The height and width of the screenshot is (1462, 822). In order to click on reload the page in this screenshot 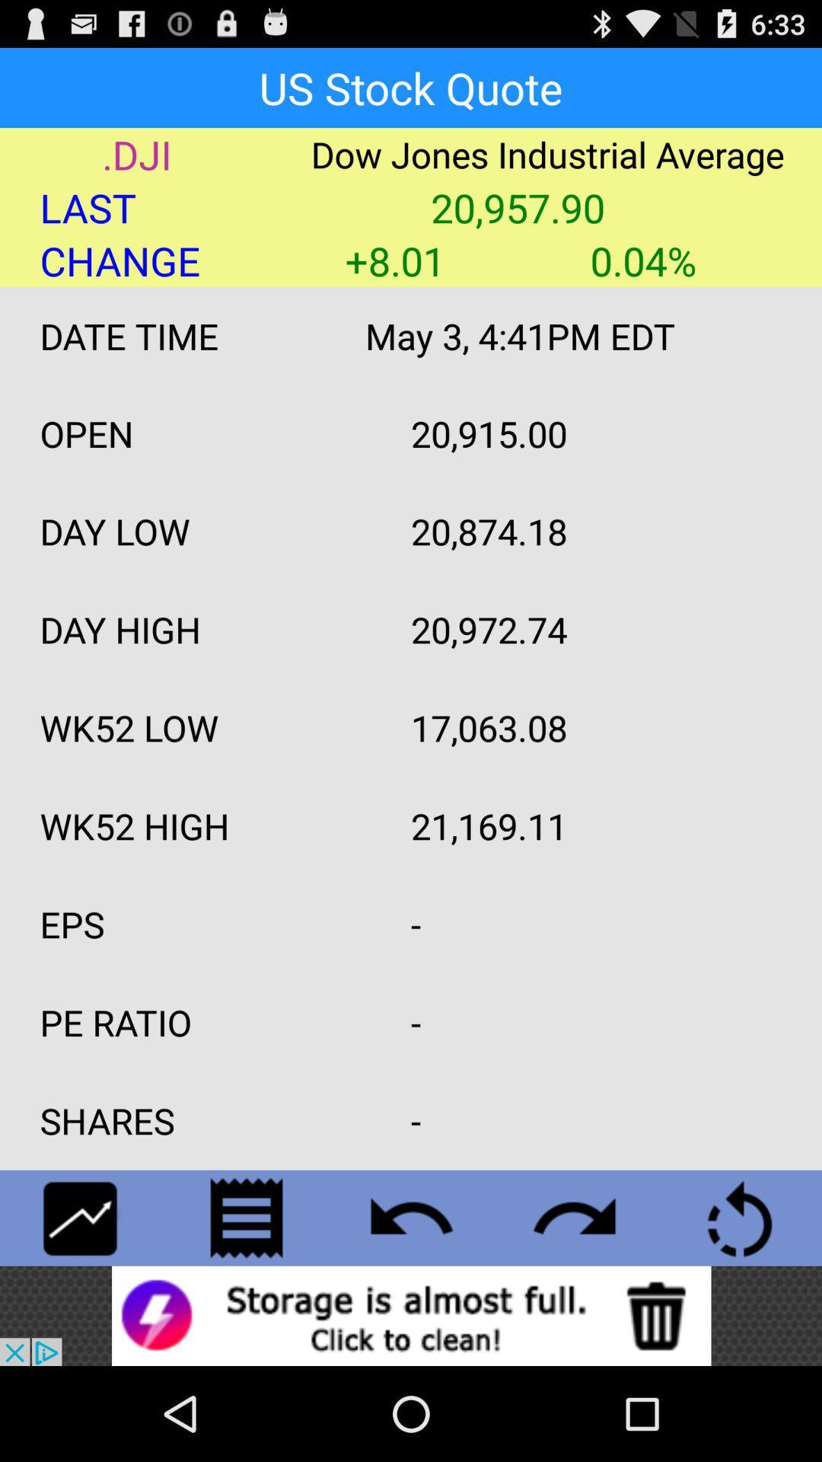, I will do `click(739, 1217)`.